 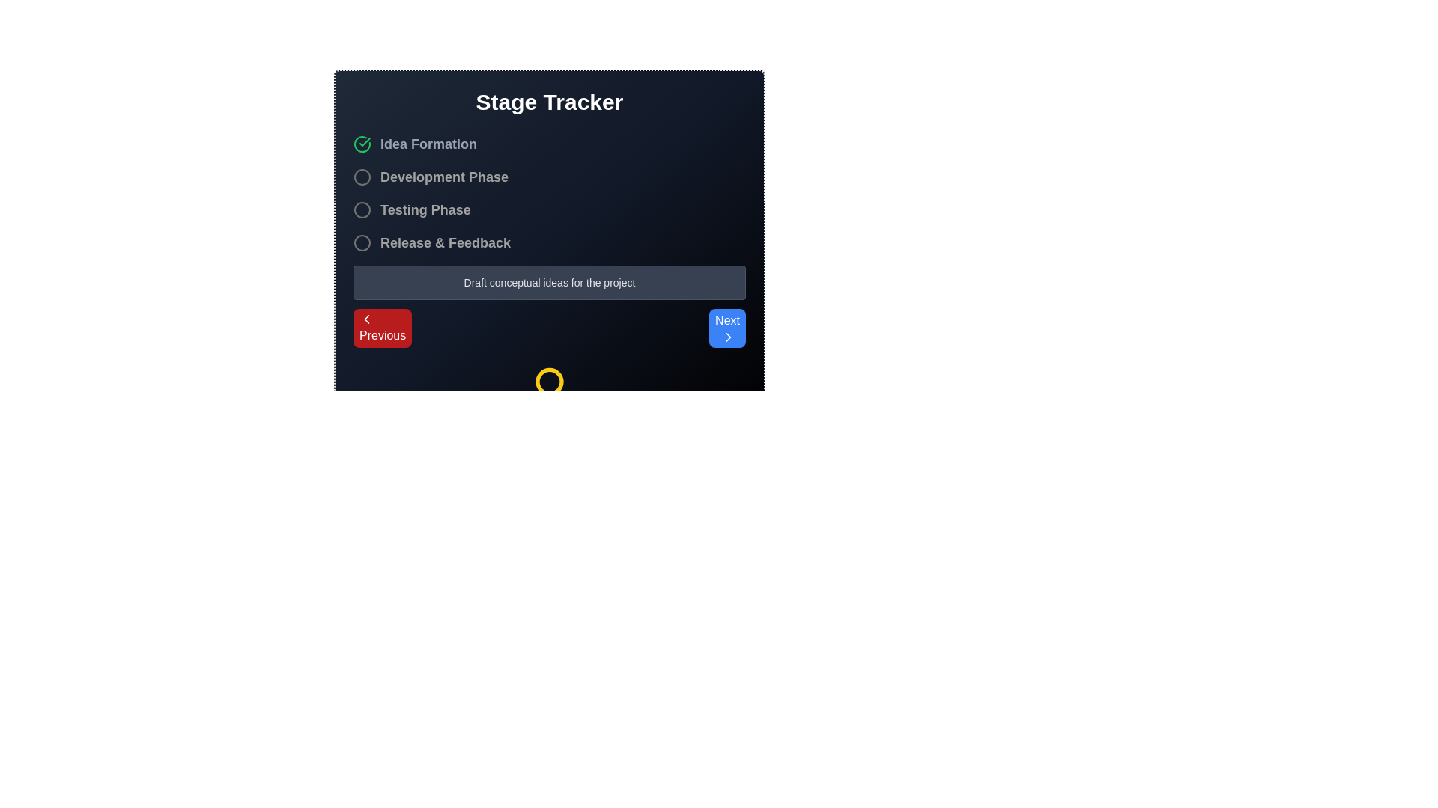 What do you see at coordinates (366, 319) in the screenshot?
I see `the leftward-pointing chevron icon within the 'Previous' button` at bounding box center [366, 319].